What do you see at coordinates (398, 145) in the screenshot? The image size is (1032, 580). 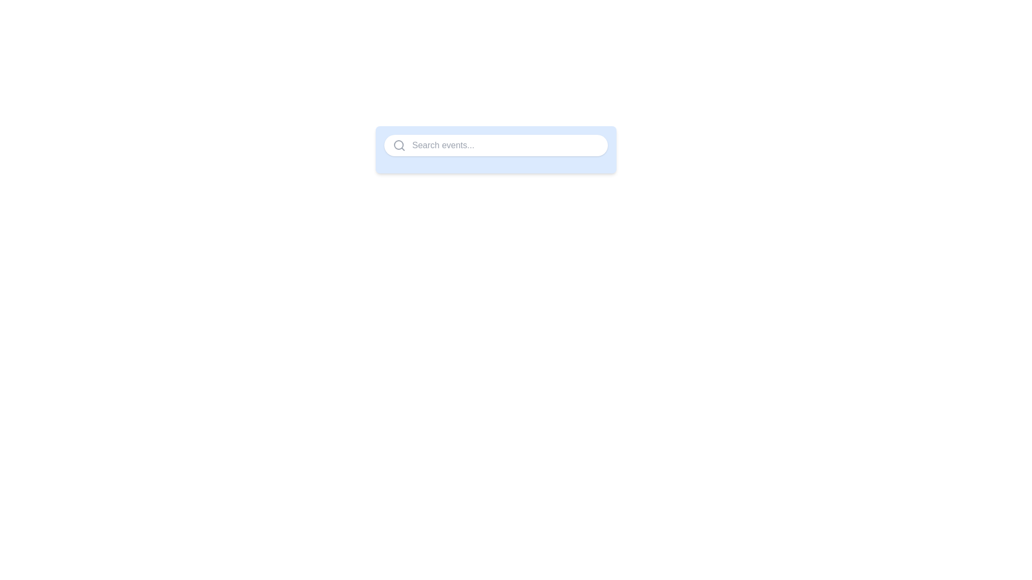 I see `the gray stroke circle icon that is part of the search icon, located at the leftmost side of the search bar with the placeholder text 'Search events...'` at bounding box center [398, 145].